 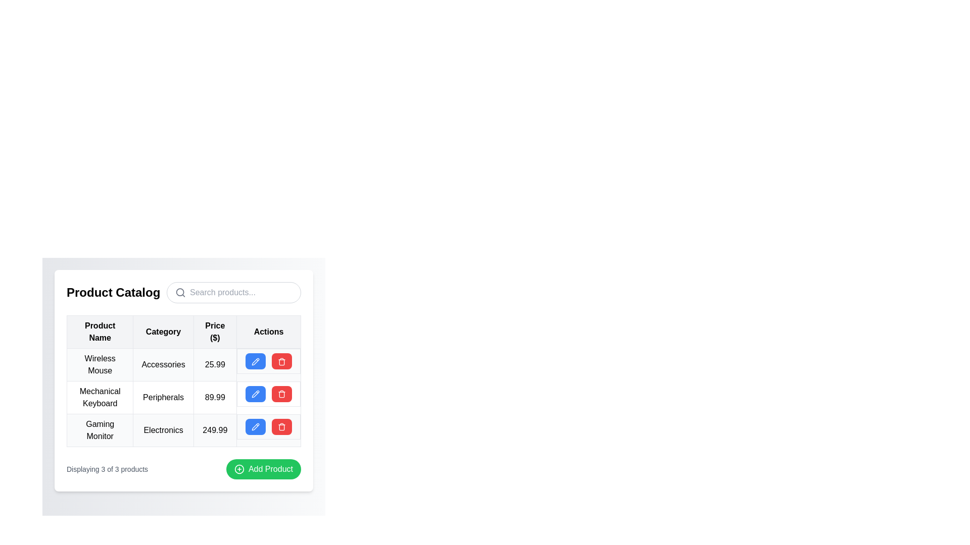 I want to click on the rectangular button with rounded corners that has a blue background and a white pencil icon, located in the center of the 'Actions' column in the first row of the table, so click(x=255, y=361).